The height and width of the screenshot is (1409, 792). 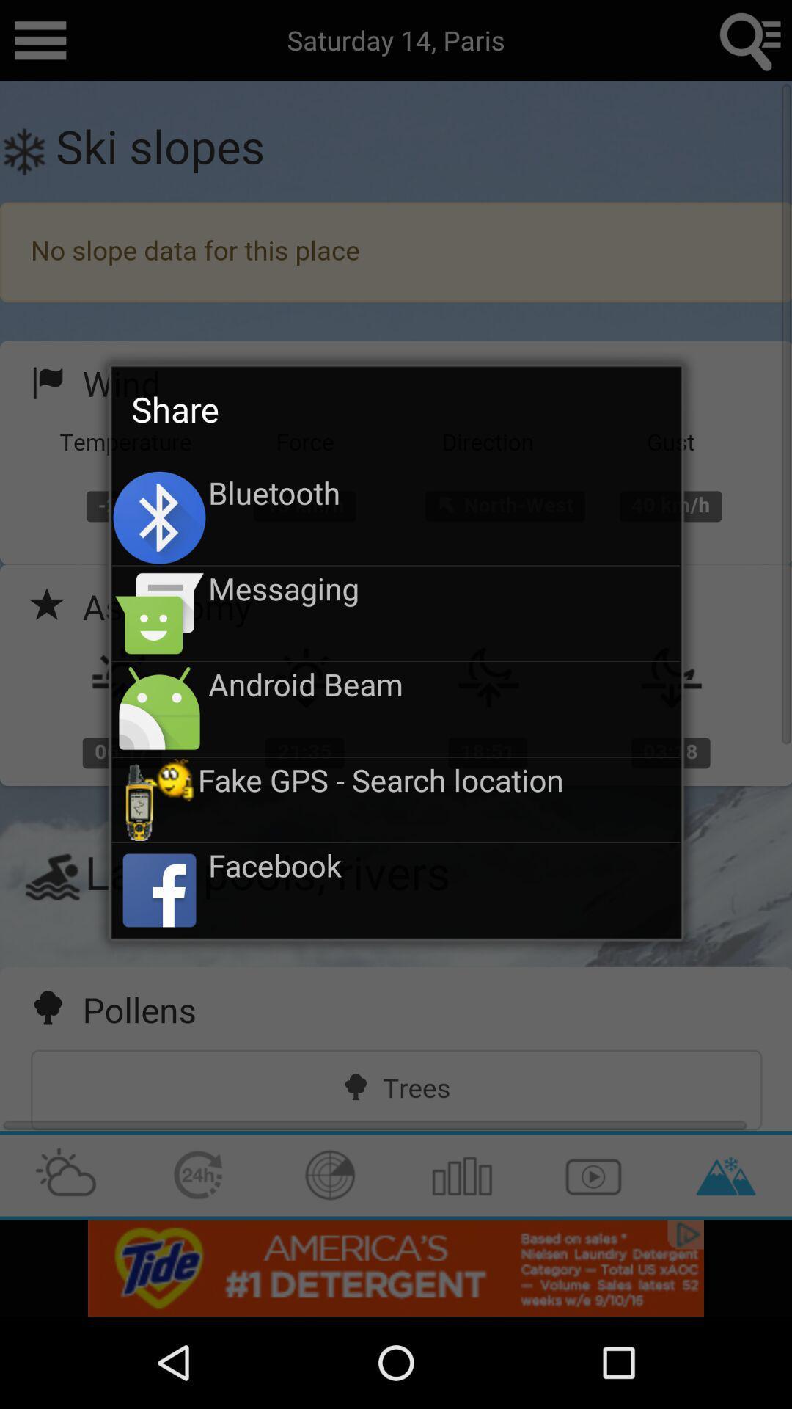 I want to click on bluetooth icon, so click(x=443, y=492).